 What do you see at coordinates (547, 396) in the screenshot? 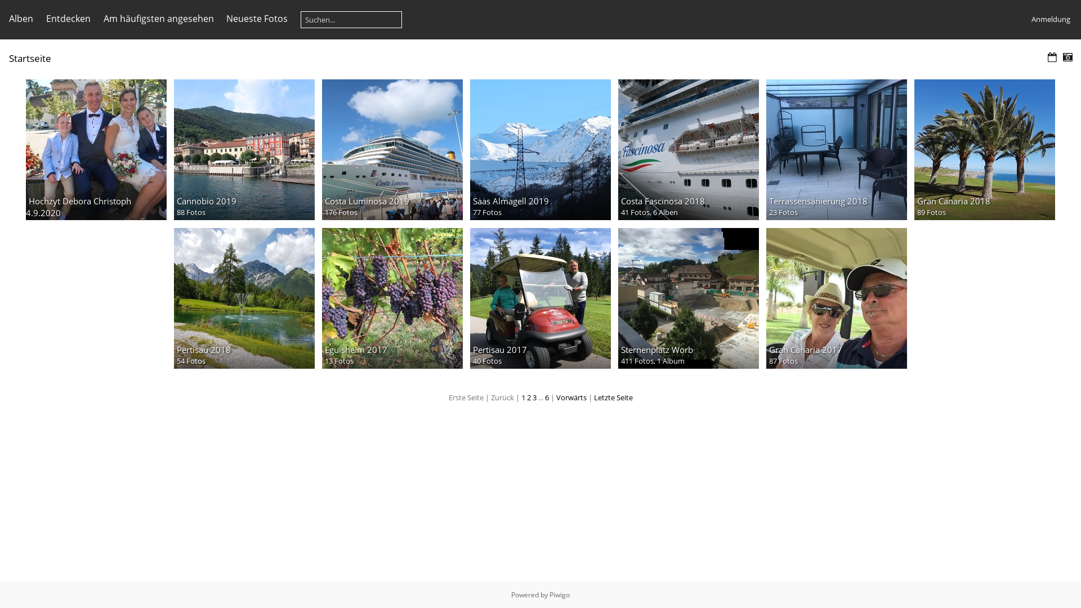
I see `'6'` at bounding box center [547, 396].